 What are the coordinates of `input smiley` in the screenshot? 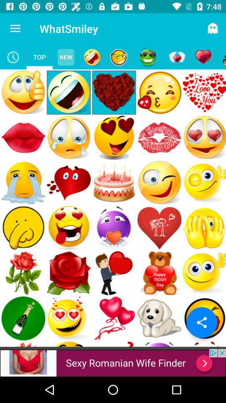 It's located at (92, 57).